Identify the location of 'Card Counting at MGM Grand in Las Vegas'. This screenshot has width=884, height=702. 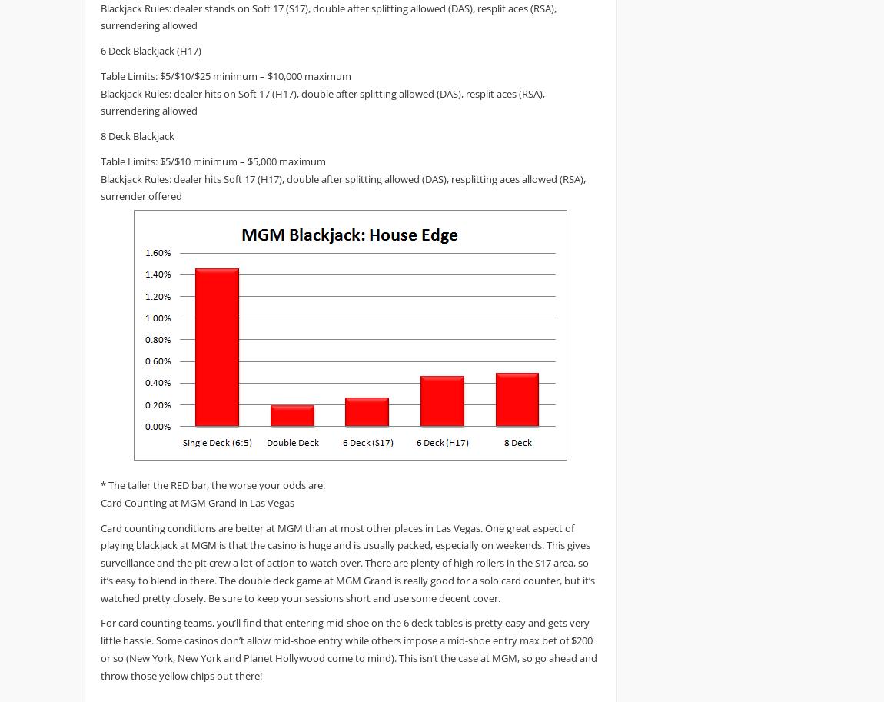
(197, 501).